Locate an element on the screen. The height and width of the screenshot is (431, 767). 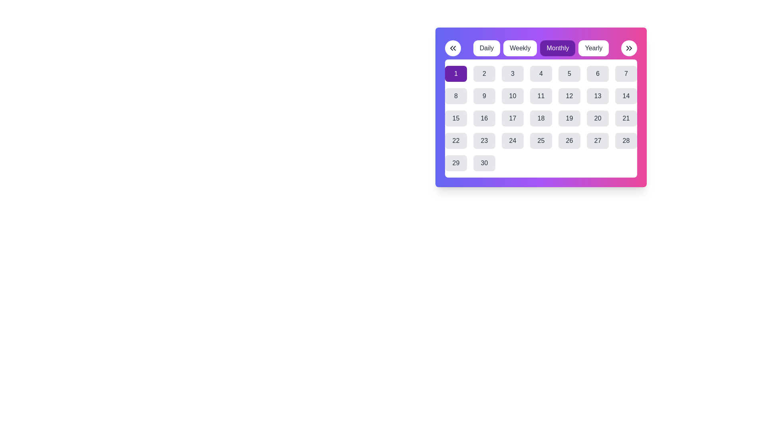
the button representing the date '30' in the calendar located in the last row and second column of the grid layout is located at coordinates (484, 162).